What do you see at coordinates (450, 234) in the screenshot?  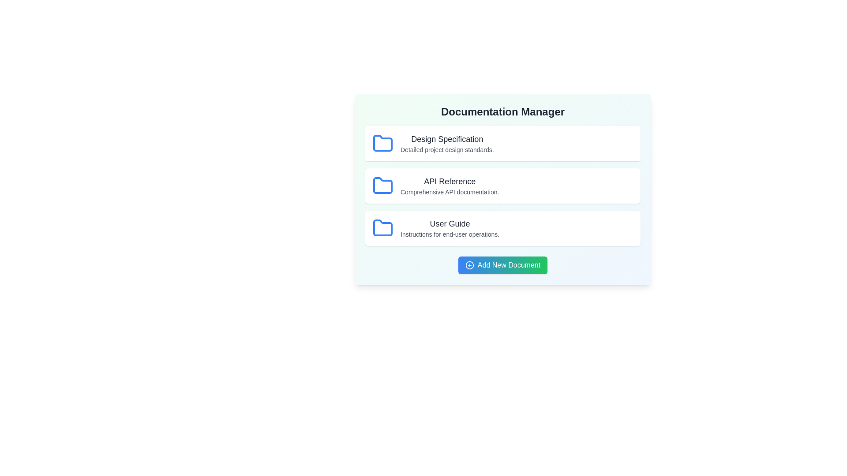 I see `the description of the document titled User Guide` at bounding box center [450, 234].